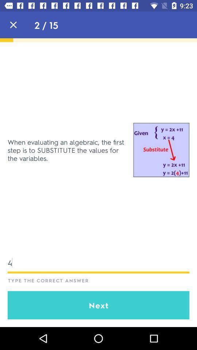  What do you see at coordinates (98, 305) in the screenshot?
I see `item below the type the correct item` at bounding box center [98, 305].